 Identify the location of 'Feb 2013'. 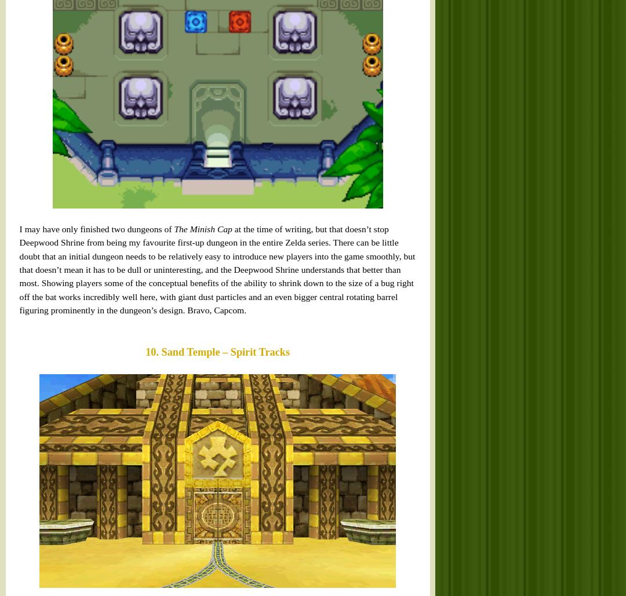
(414, 228).